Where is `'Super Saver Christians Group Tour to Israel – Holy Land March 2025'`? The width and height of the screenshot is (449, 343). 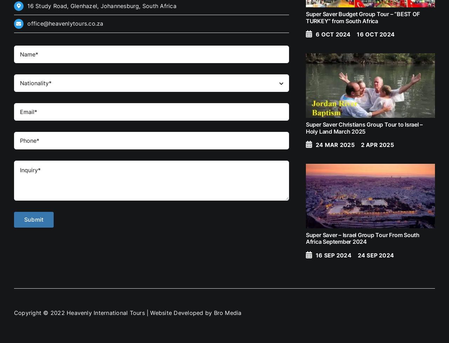
'Super Saver Christians Group Tour to Israel – Holy Land March 2025' is located at coordinates (364, 127).